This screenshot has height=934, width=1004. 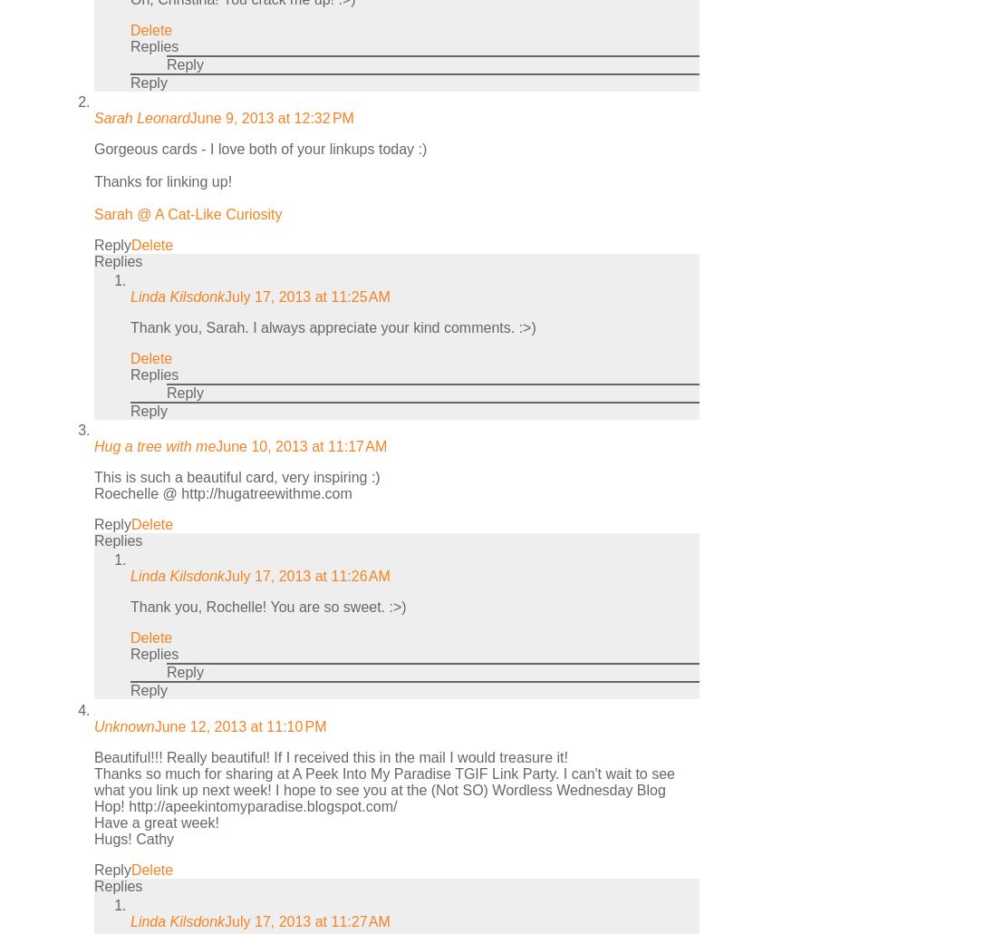 What do you see at coordinates (236, 477) in the screenshot?
I see `'This is such a beautiful card, very inspiring :)'` at bounding box center [236, 477].